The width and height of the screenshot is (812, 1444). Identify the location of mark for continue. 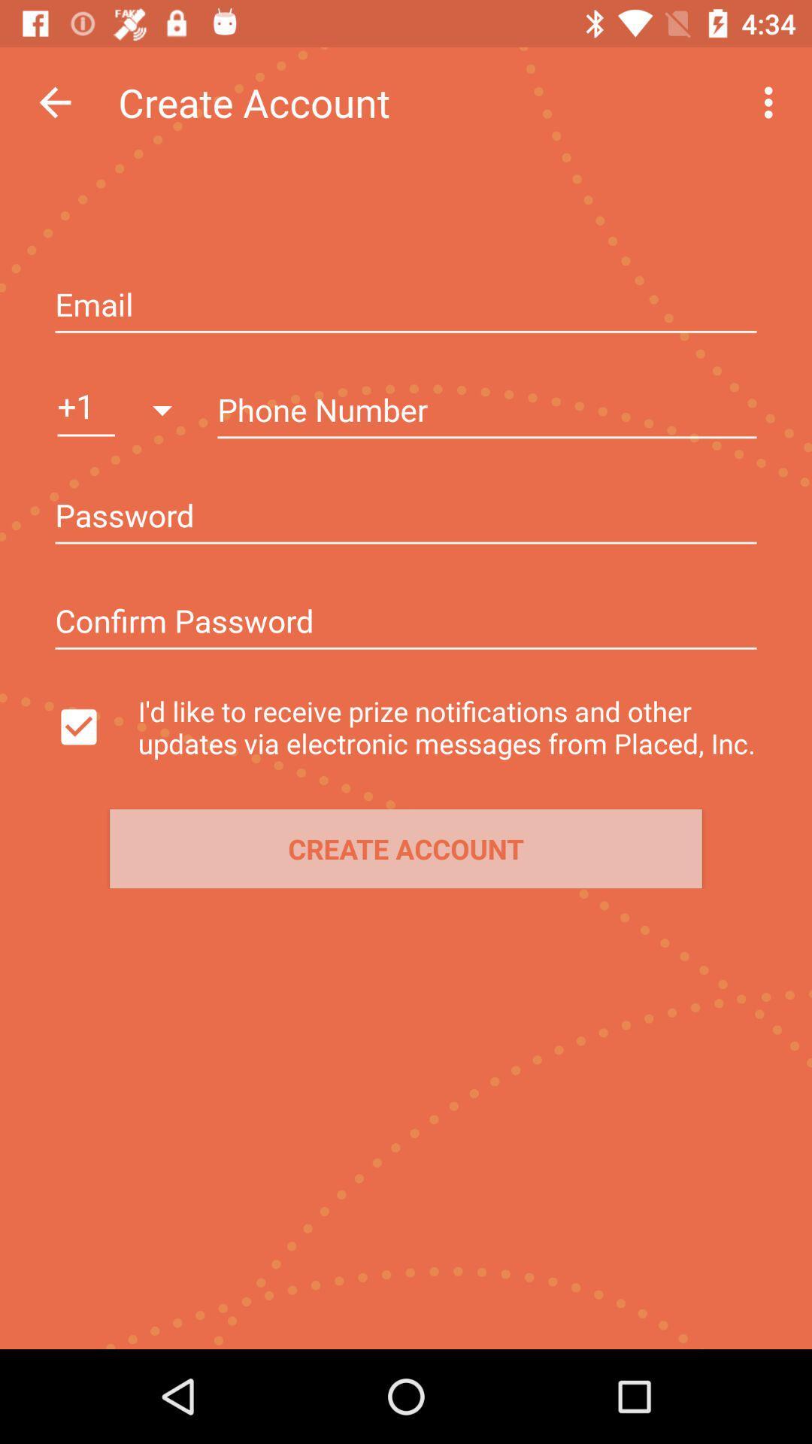
(92, 727).